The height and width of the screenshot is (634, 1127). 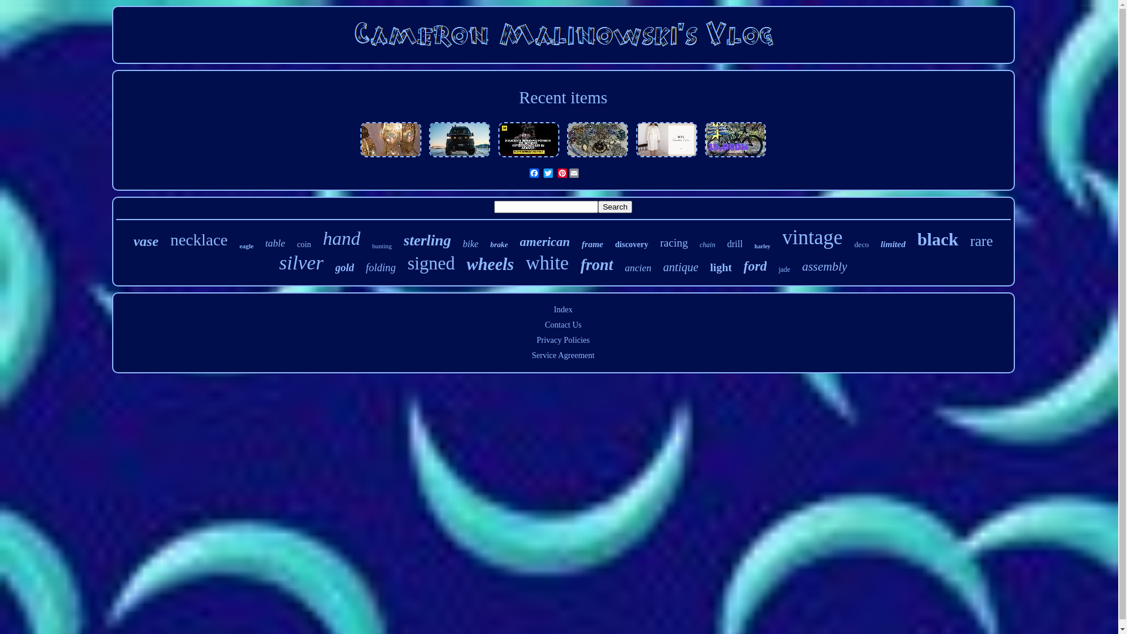 What do you see at coordinates (304, 244) in the screenshot?
I see `'coin'` at bounding box center [304, 244].